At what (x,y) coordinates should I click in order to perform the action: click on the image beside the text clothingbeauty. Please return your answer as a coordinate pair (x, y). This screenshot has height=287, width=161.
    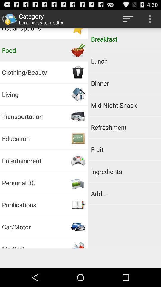
    Looking at the image, I should click on (78, 72).